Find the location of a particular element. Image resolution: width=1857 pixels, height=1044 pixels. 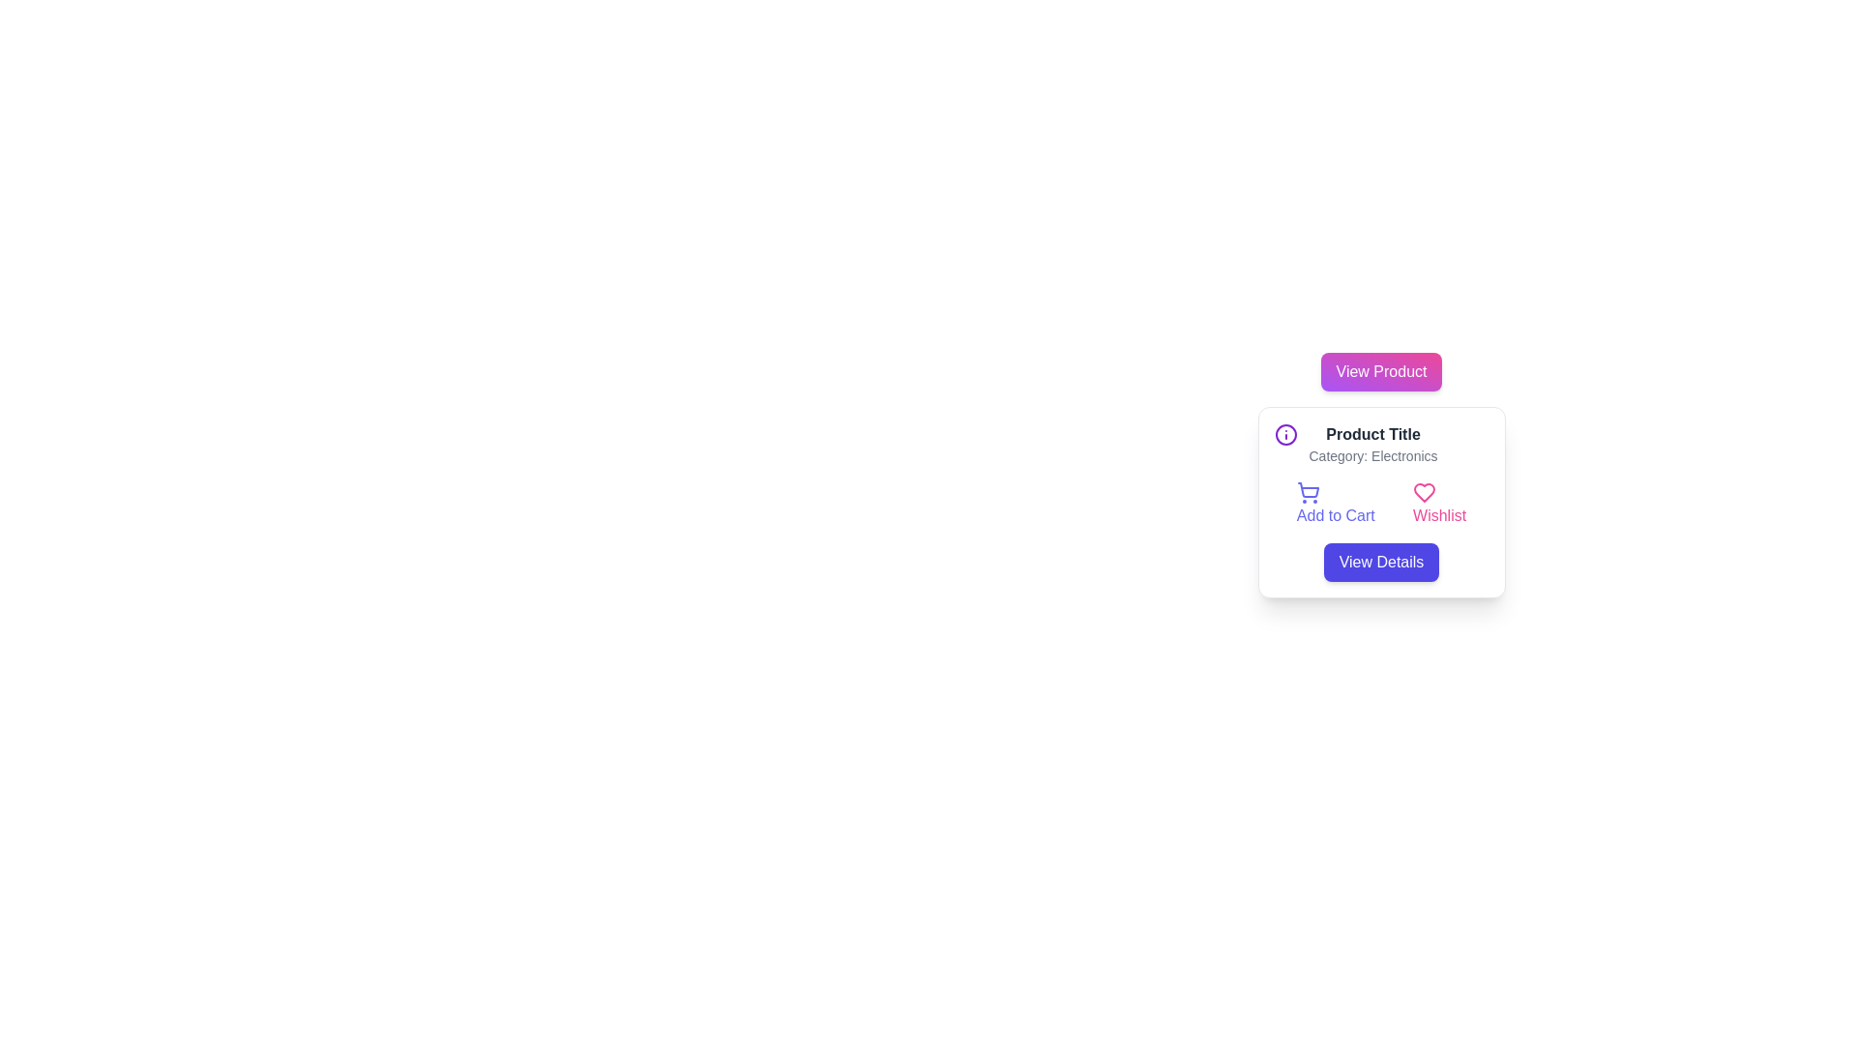

the wishlist icon located in the bottom-right area of the layout, positioned to the right of the 'Add to Cart' icon and above the 'View Details' button is located at coordinates (1425, 491).